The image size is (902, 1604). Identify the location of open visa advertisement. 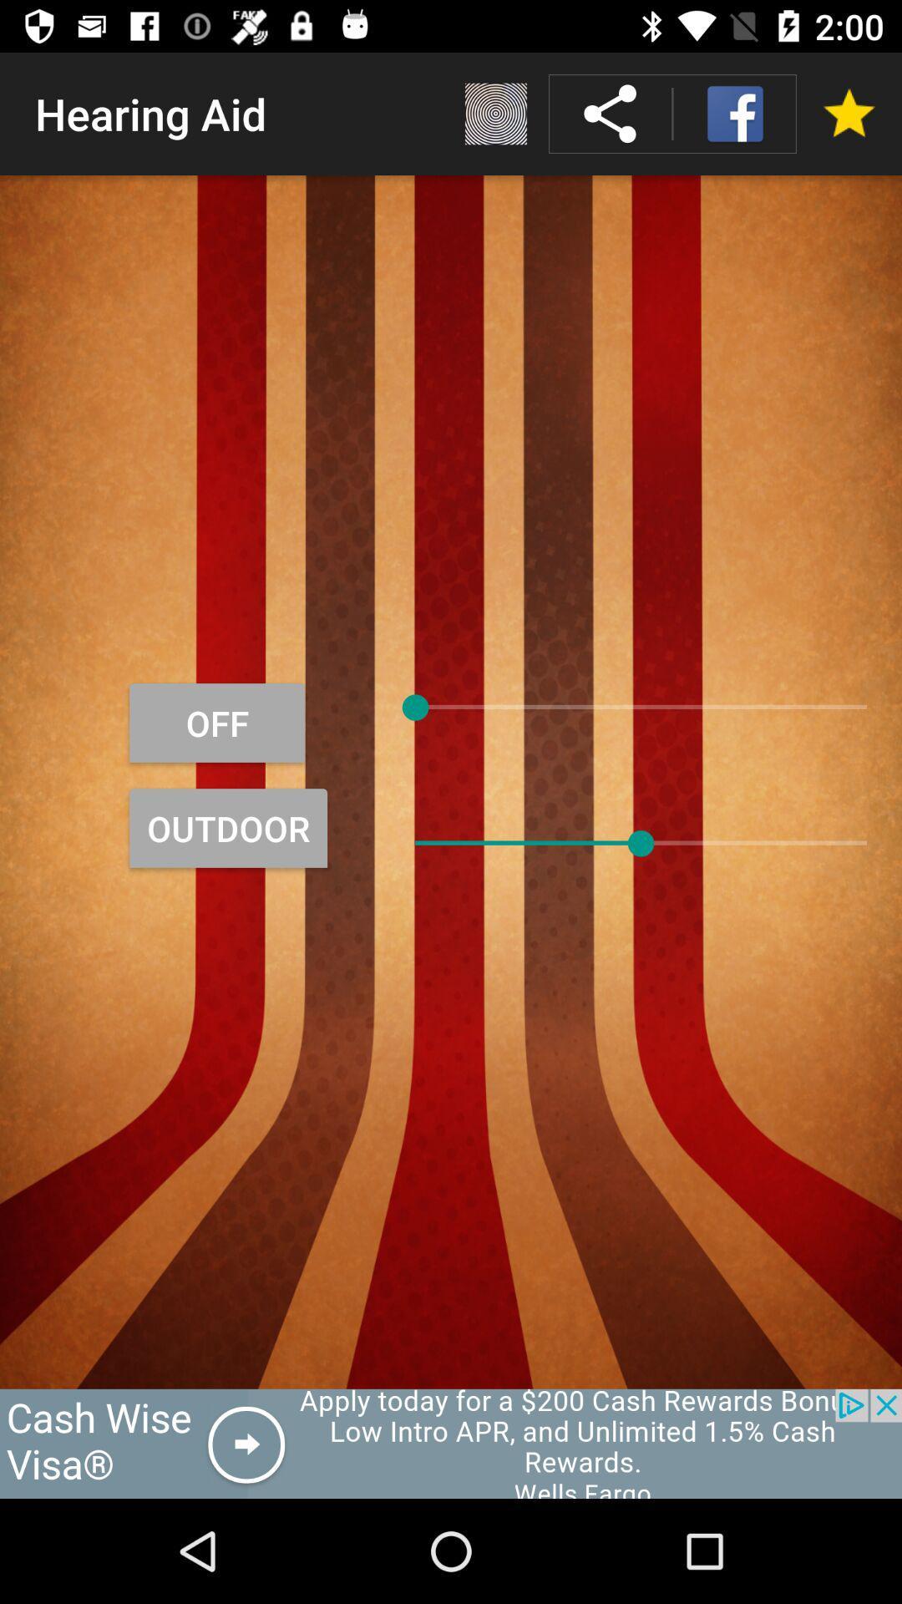
(451, 1443).